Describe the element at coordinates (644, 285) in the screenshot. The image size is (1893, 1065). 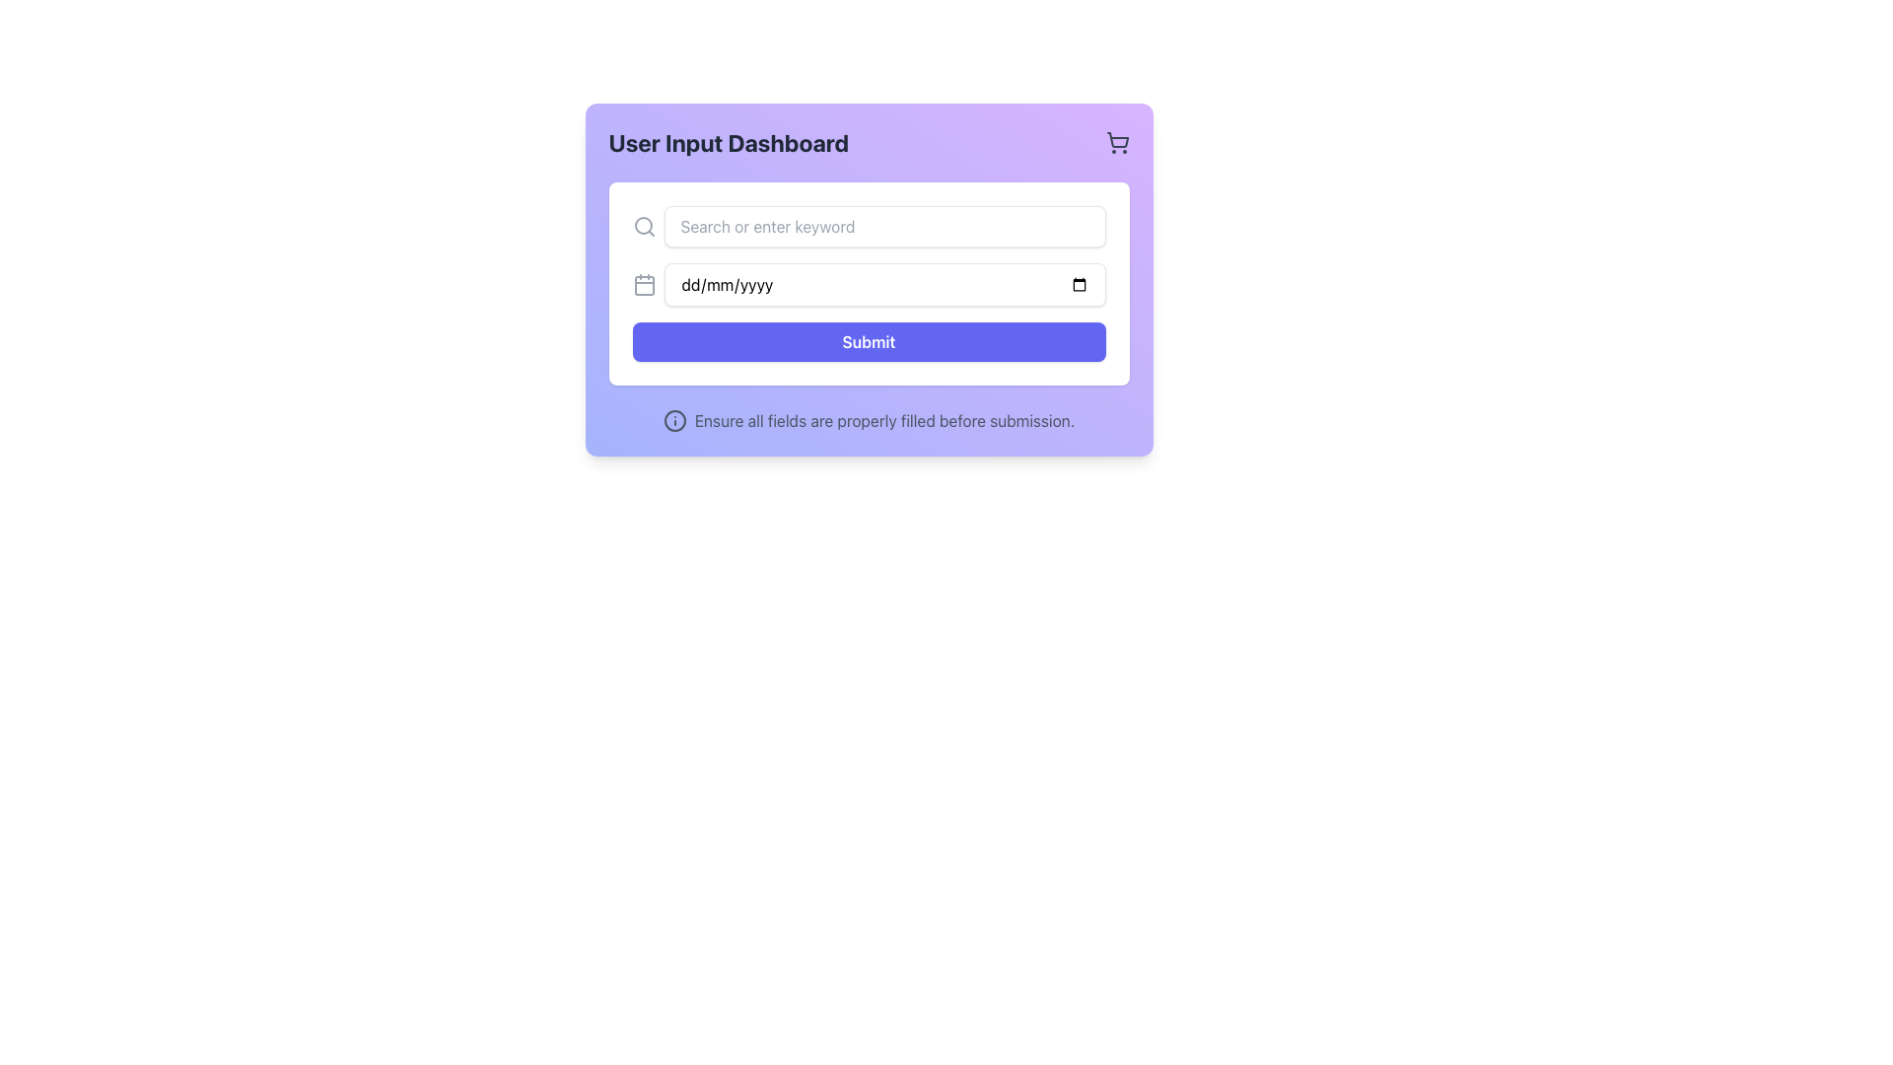
I see `the SVG shape that is part of the calendar icon, located immediately to the left of the 'dd/mm/yyyy' date input field` at that location.